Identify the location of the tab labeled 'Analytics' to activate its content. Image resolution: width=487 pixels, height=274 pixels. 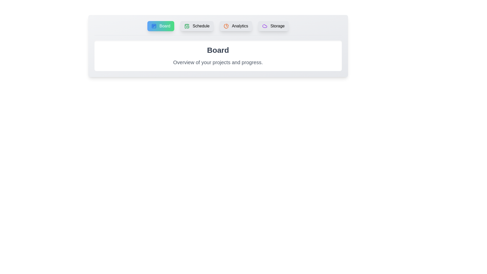
(236, 26).